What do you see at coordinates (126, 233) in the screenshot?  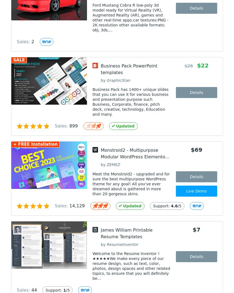 I see `'James William Printable Resume Templates'` at bounding box center [126, 233].